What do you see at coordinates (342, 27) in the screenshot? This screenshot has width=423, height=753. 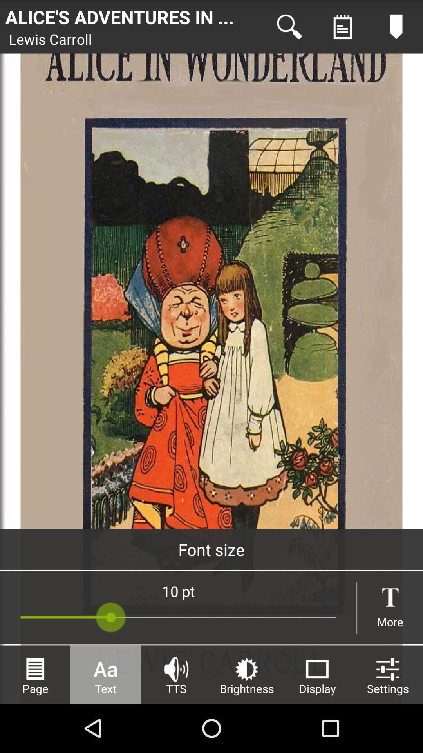 I see `file` at bounding box center [342, 27].